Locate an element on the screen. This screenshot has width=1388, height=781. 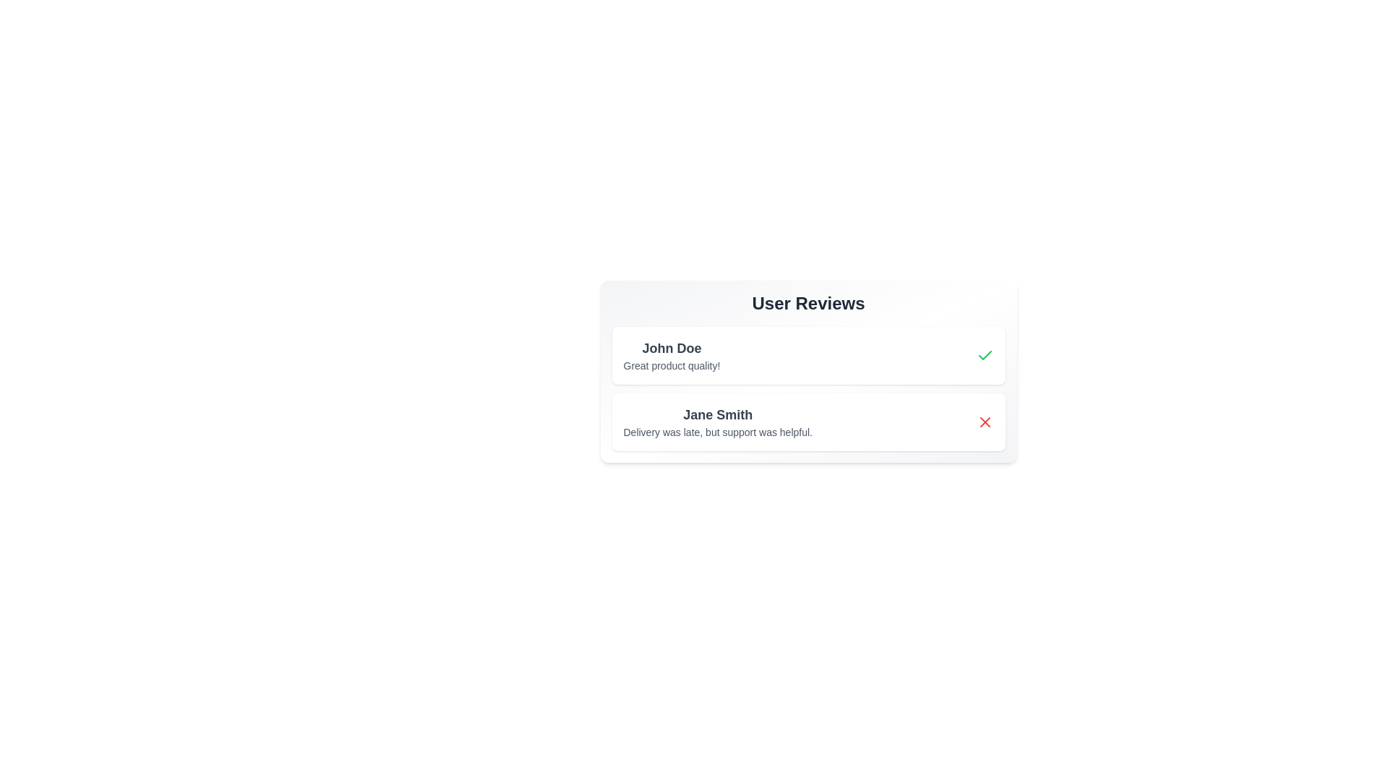
the approval icon located within the first user review card, positioned to the right of the text 'Great product quality!' and aligned with the user's name 'John Doe', to acknowledge or interact with it is located at coordinates (984, 356).